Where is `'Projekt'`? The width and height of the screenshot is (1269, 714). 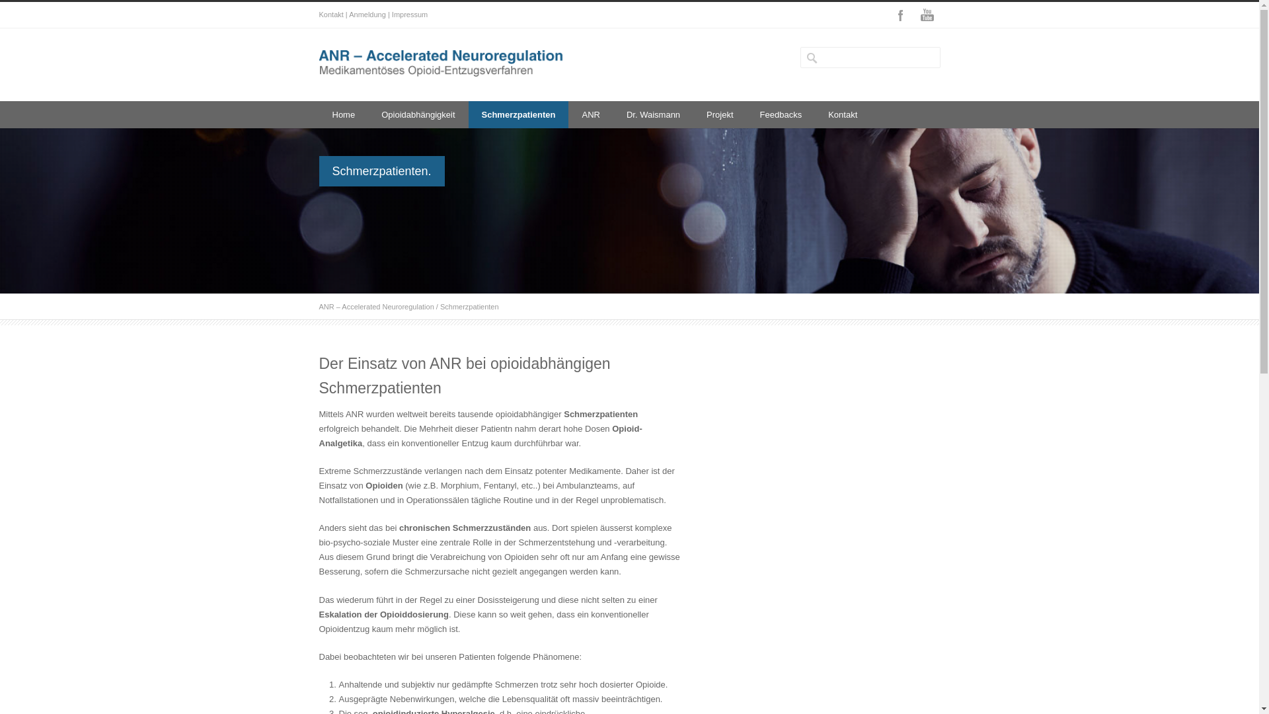 'Projekt' is located at coordinates (719, 114).